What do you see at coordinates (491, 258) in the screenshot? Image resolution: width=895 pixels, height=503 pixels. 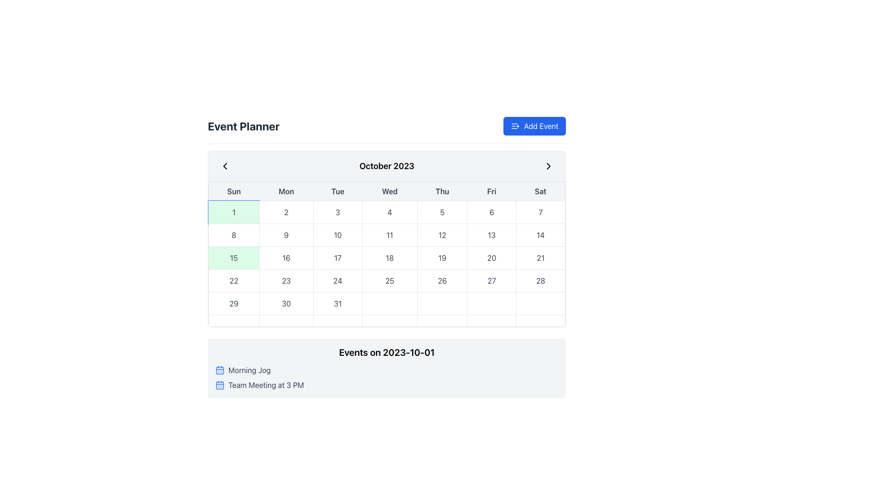 I see `the date selection button for '20th October' located in the calendar grid under 'October 2023'` at bounding box center [491, 258].